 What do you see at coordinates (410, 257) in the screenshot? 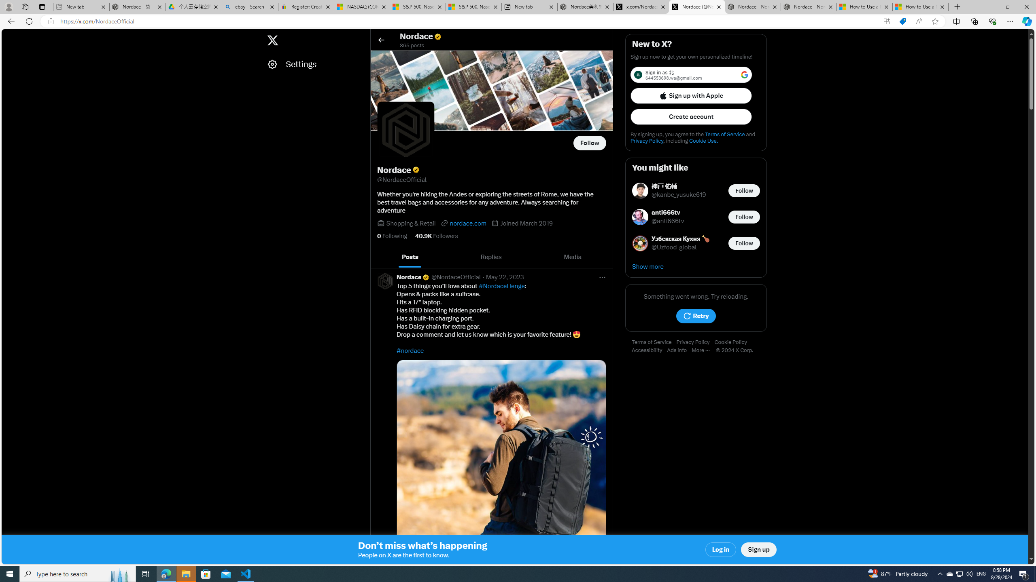
I see `'Posts'` at bounding box center [410, 257].